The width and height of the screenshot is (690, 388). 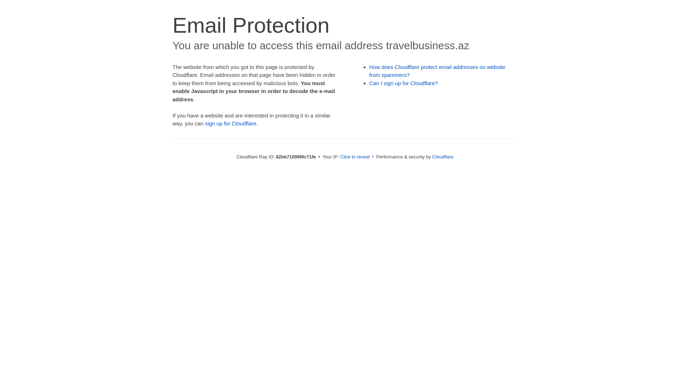 What do you see at coordinates (404, 83) in the screenshot?
I see `'Can I sign up for Cloudflare?'` at bounding box center [404, 83].